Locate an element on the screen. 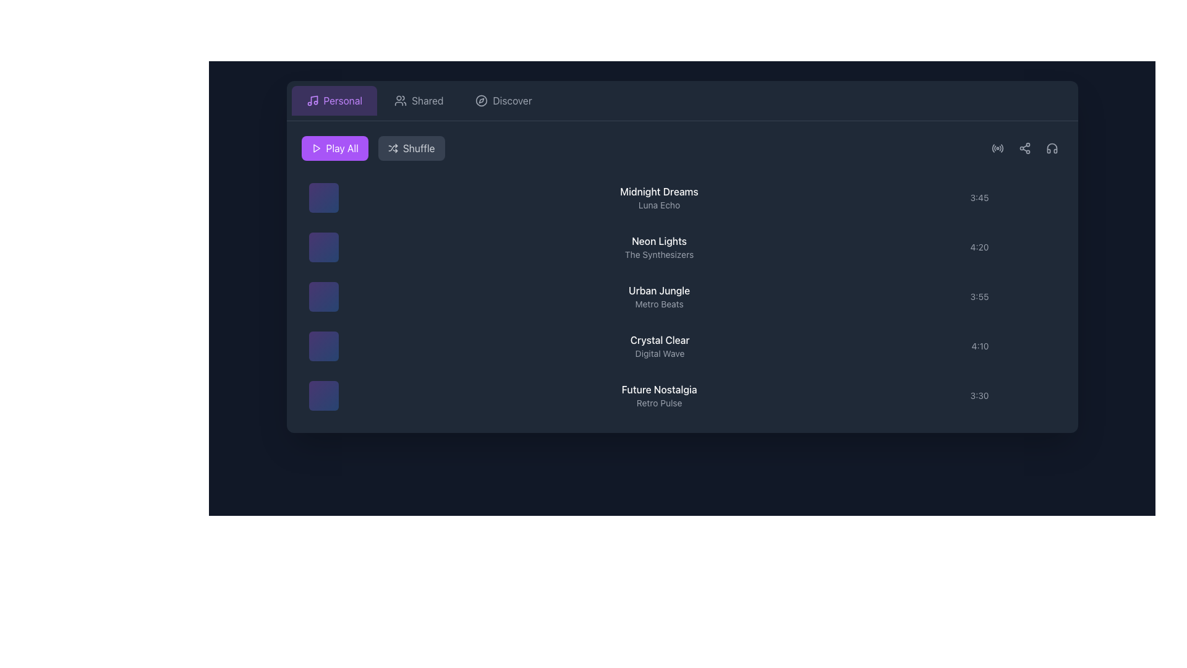  the list item labeled 'Urban Jungle' is located at coordinates (681, 296).